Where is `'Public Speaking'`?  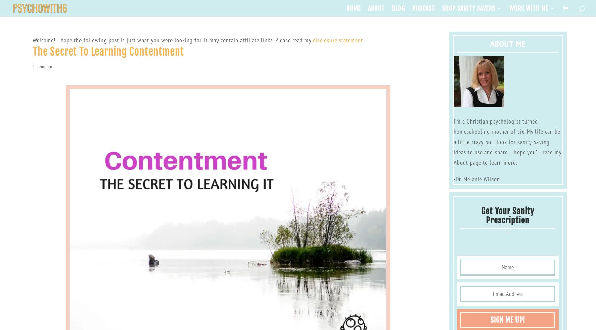 'Public Speaking' is located at coordinates (550, 34).